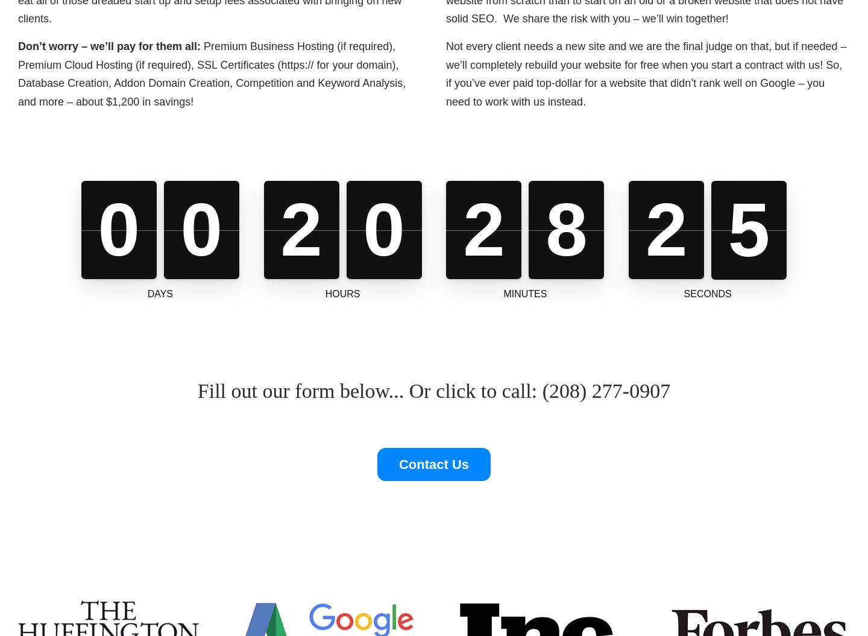 The width and height of the screenshot is (868, 636). Describe the element at coordinates (111, 46) in the screenshot. I see `'Don’t worry – we’ll pay for them all:'` at that location.